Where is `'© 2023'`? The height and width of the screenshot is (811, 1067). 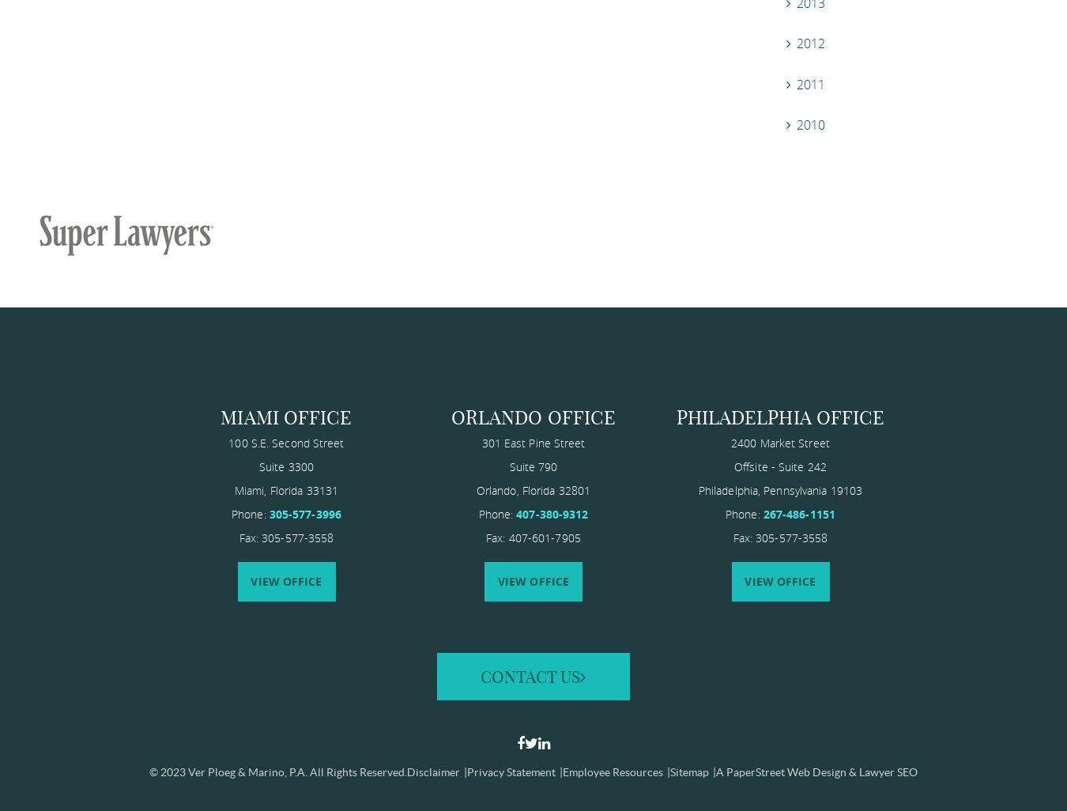
'© 2023' is located at coordinates (168, 771).